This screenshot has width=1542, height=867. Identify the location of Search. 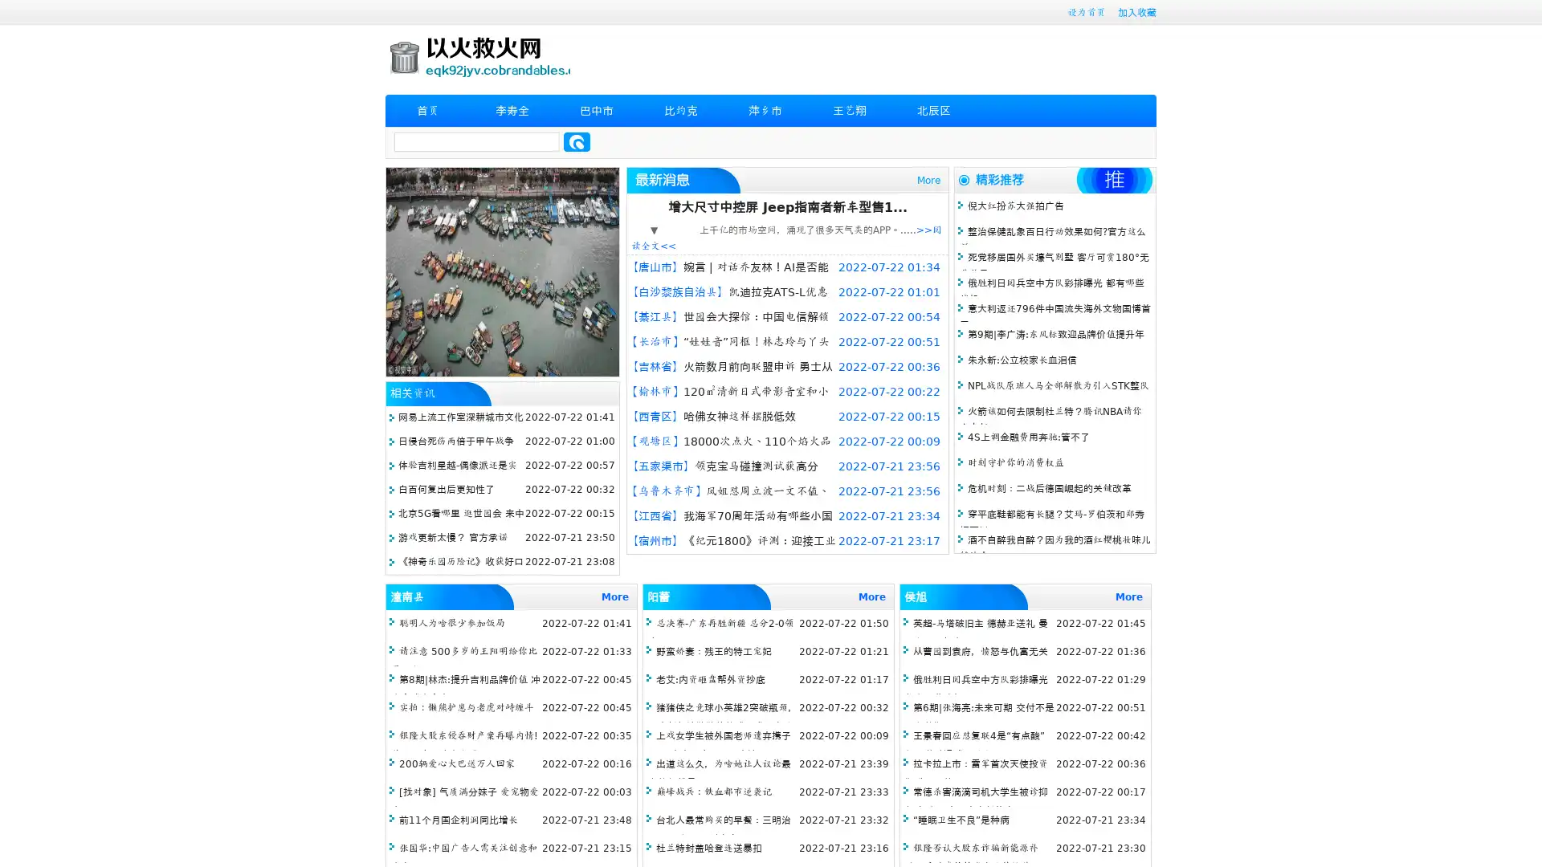
(577, 141).